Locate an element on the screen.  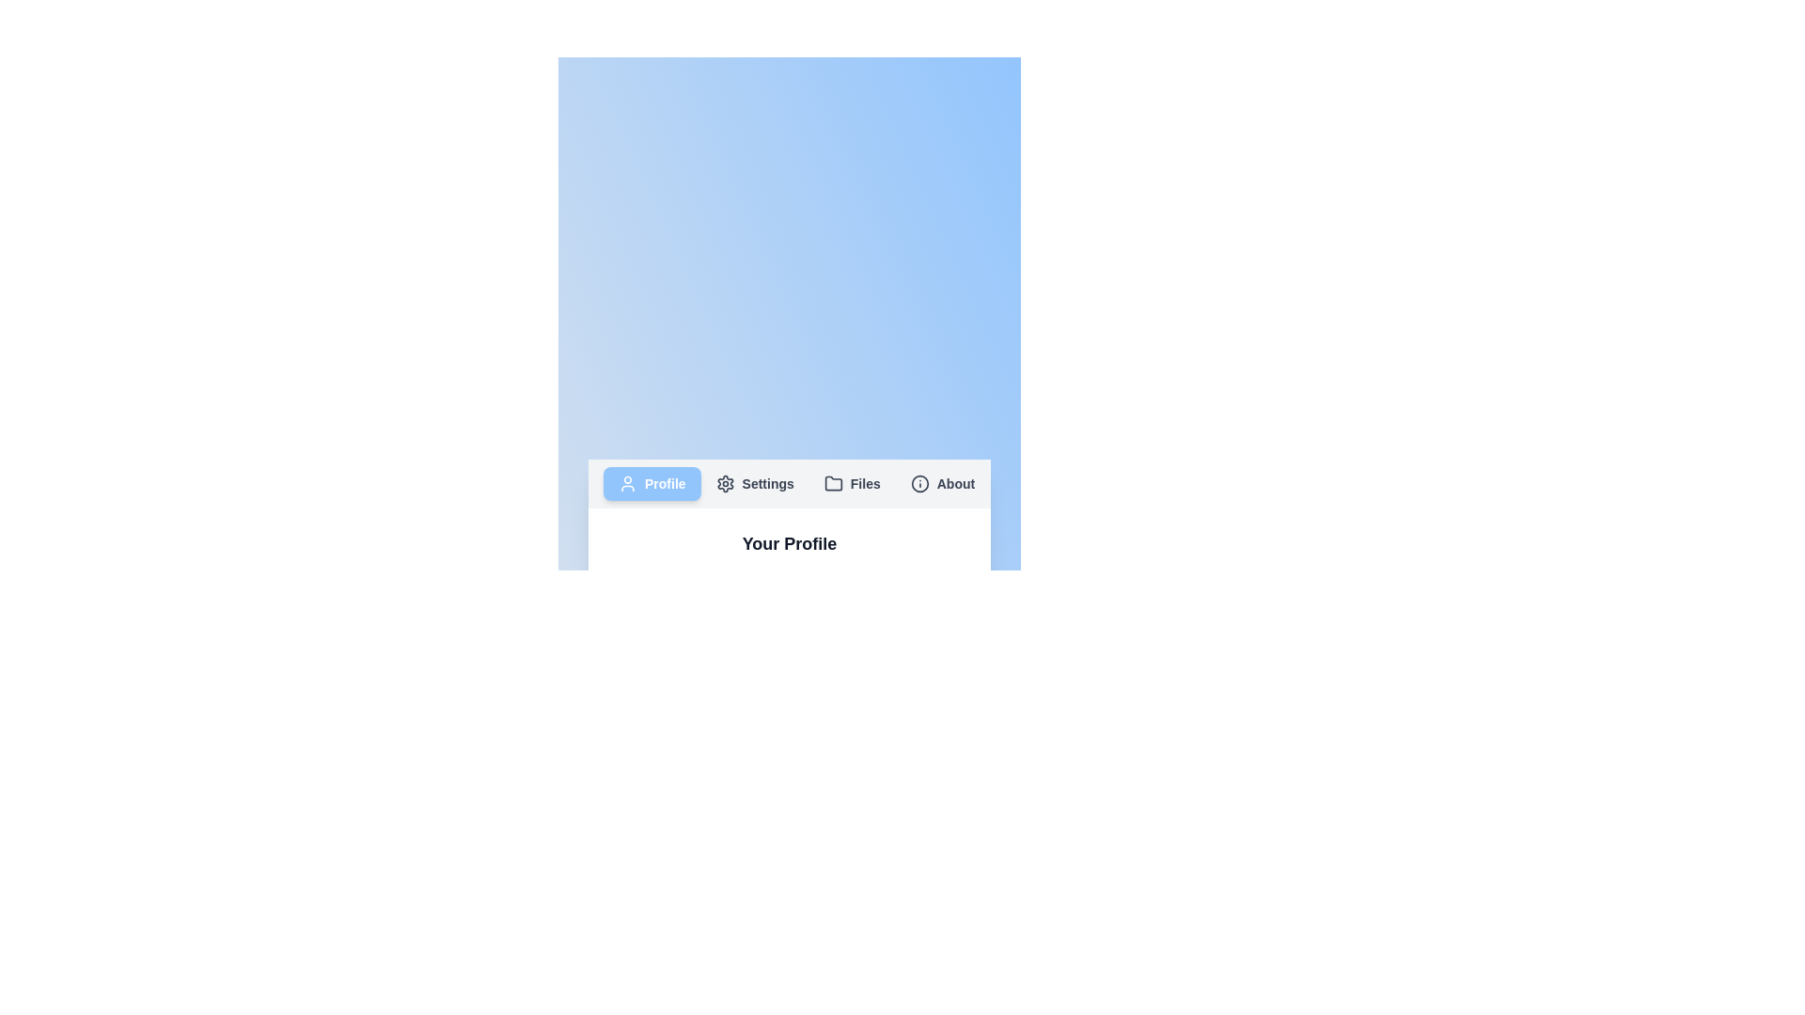
the interactive button located in the horizontal navigation bar, positioned to the right of the 'Profile' button and to the left of the 'Files' button is located at coordinates (755, 483).